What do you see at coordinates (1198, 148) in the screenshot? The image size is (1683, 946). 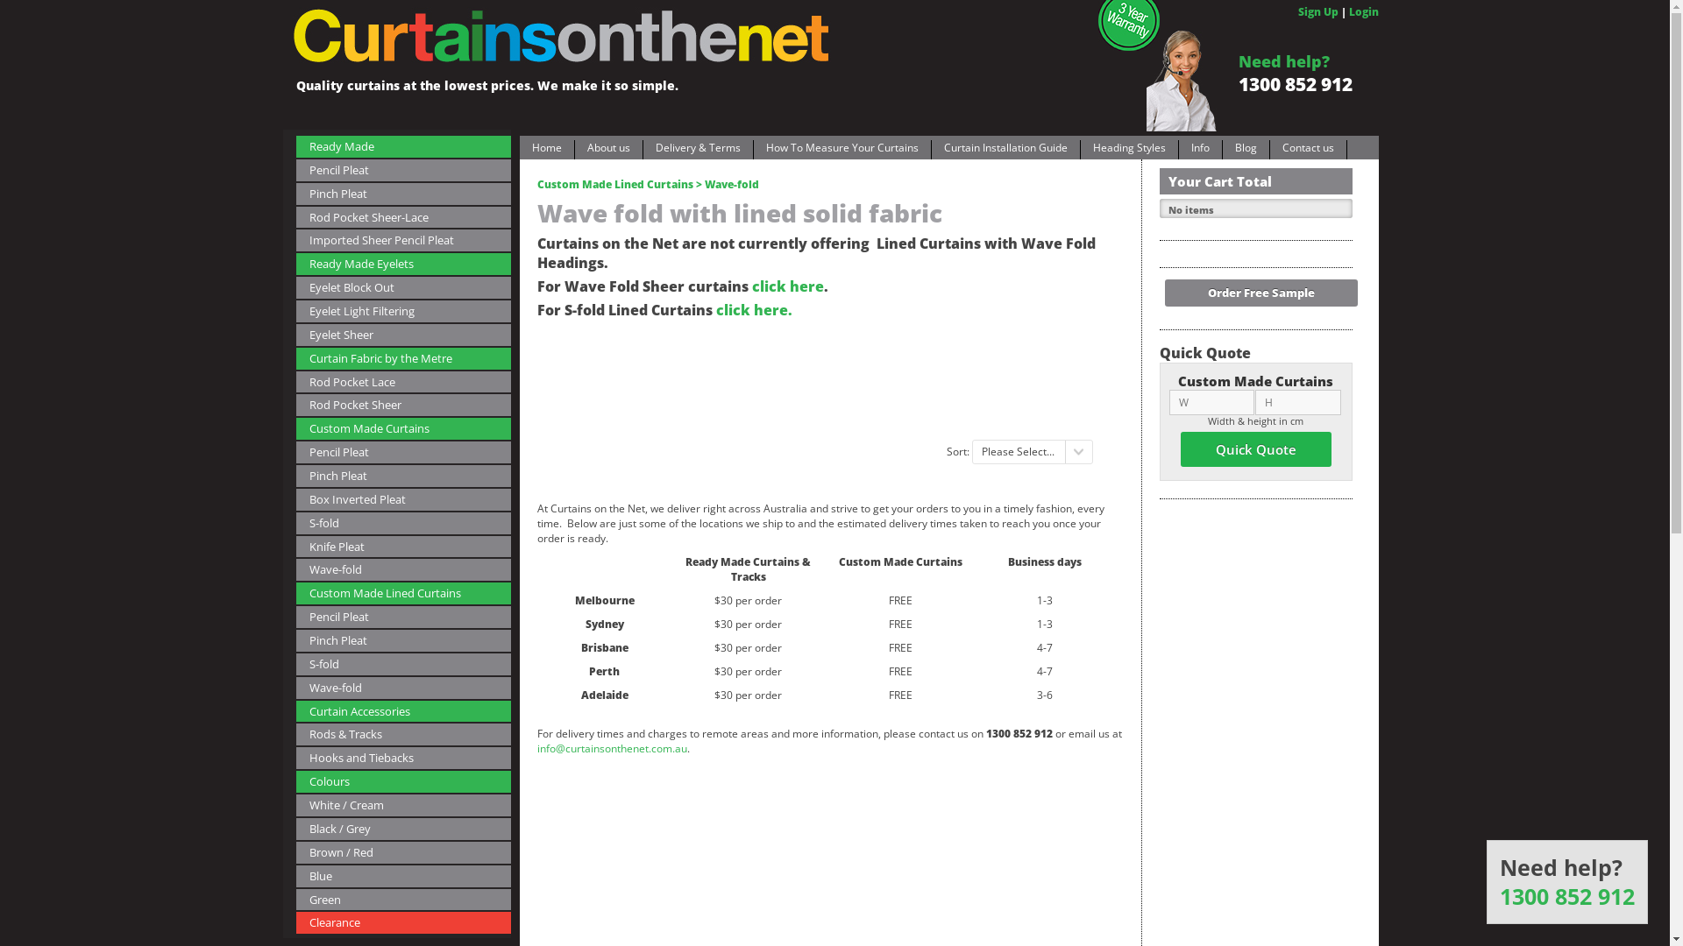 I see `'Info'` at bounding box center [1198, 148].